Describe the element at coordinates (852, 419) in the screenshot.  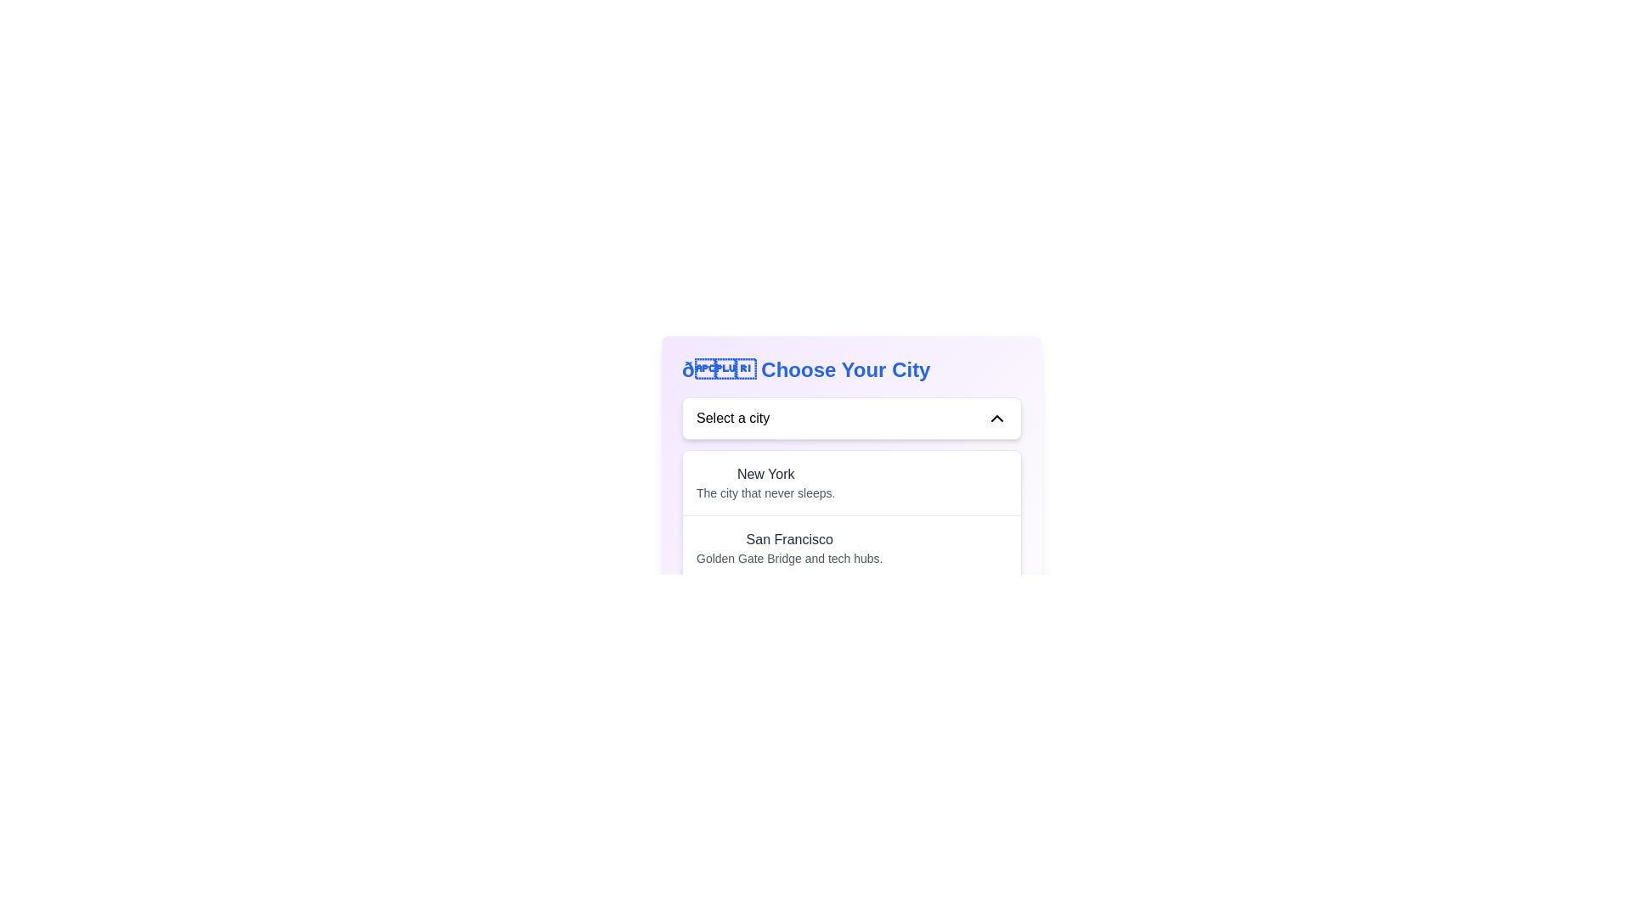
I see `the dropdown menu that allows users` at that location.